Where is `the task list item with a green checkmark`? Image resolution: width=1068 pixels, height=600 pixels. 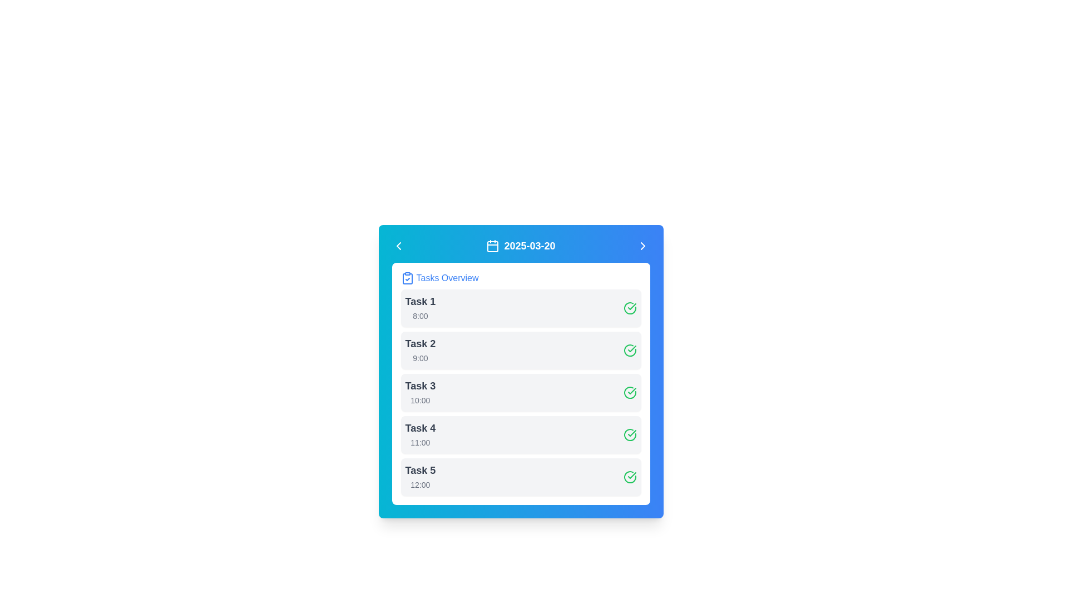
the task list item with a green checkmark is located at coordinates (520, 351).